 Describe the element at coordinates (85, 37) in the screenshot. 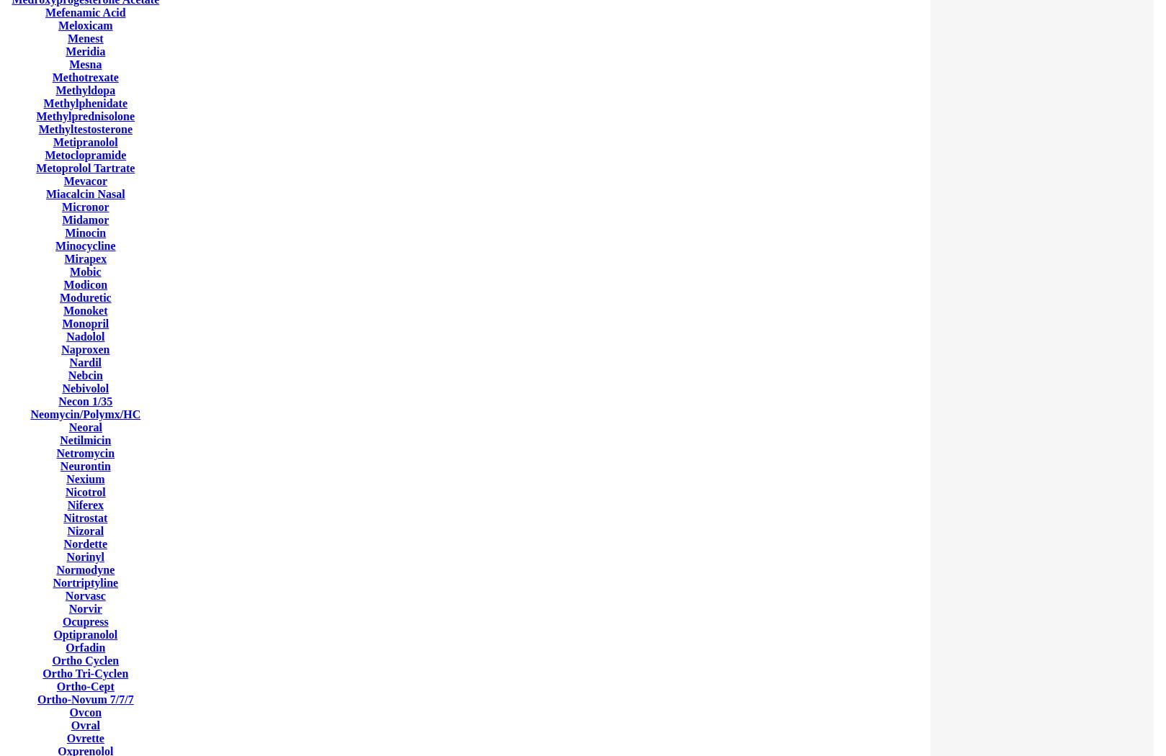

I see `'Menest'` at that location.